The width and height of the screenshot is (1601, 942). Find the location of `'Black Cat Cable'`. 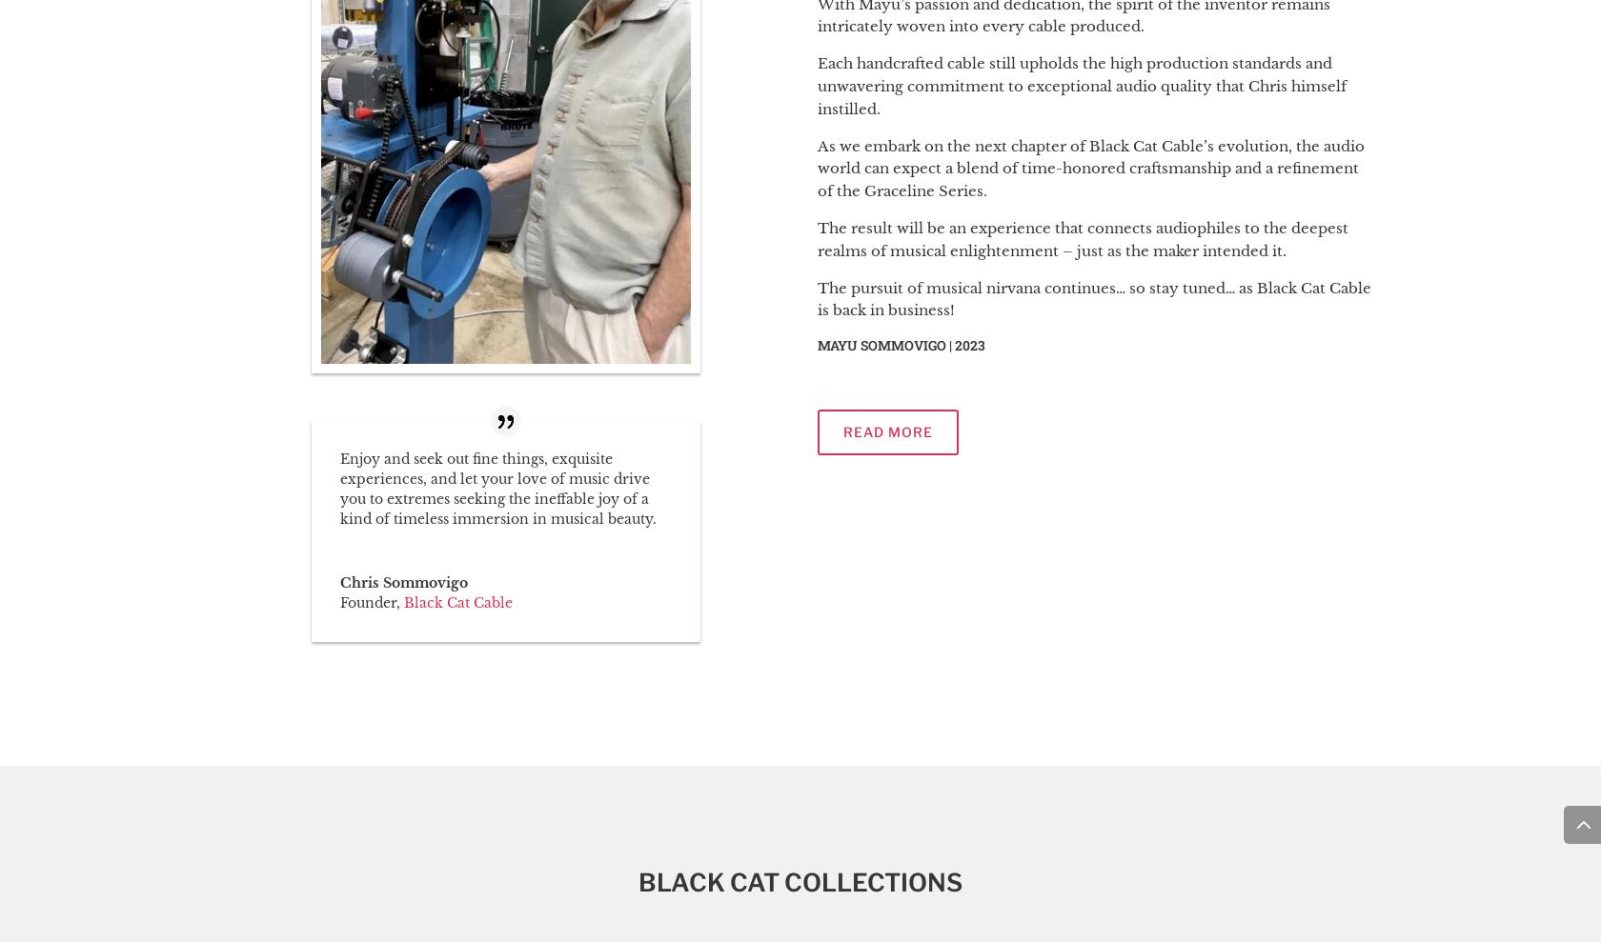

'Black Cat Cable' is located at coordinates (457, 602).